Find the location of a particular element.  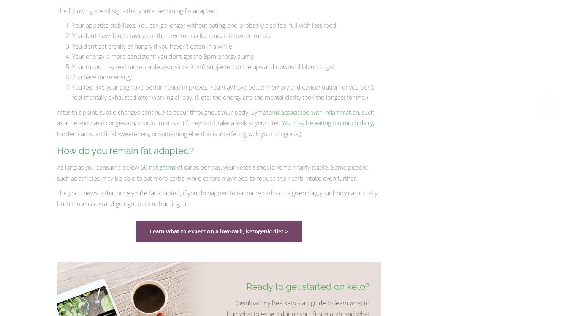

'50 net grams' is located at coordinates (140, 167).